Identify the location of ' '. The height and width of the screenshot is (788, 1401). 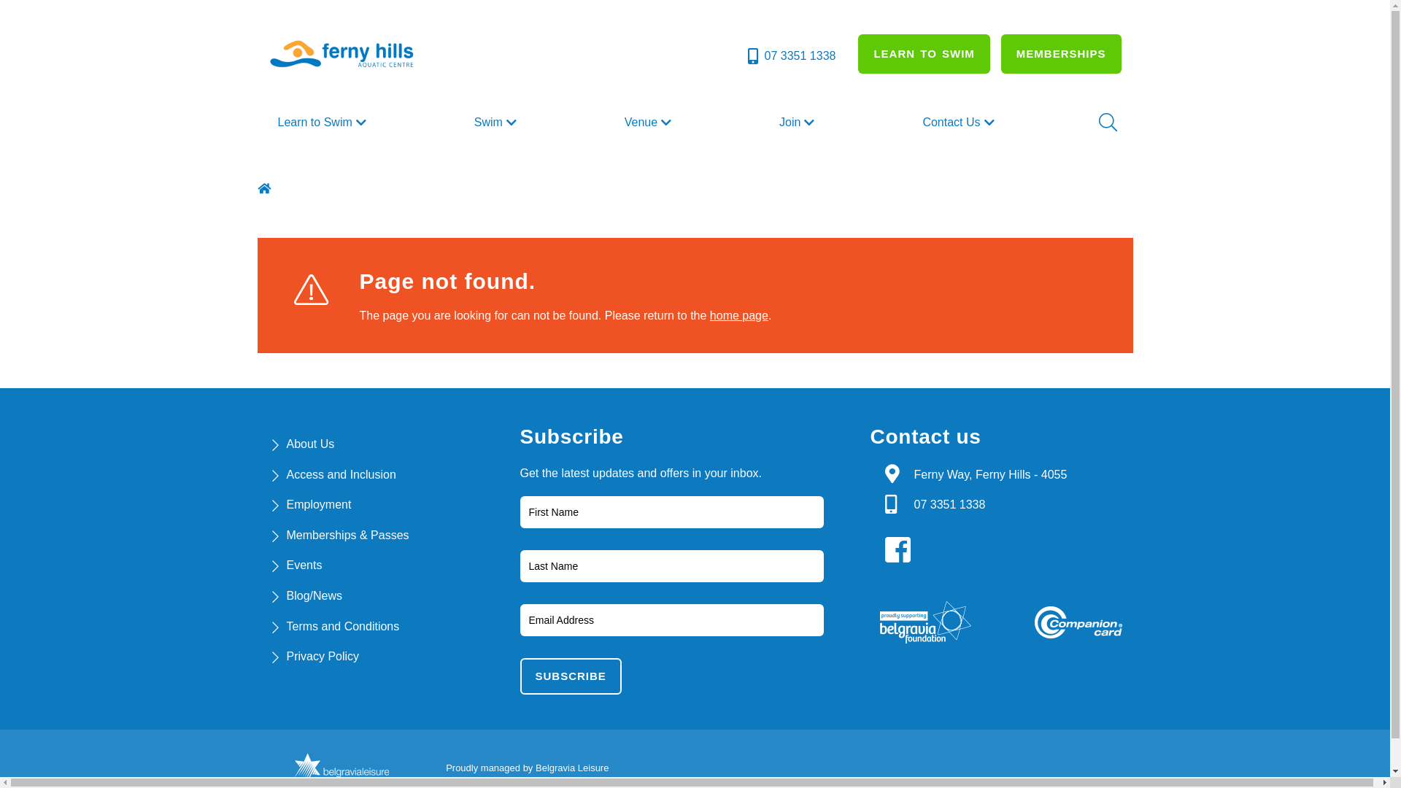
(900, 549).